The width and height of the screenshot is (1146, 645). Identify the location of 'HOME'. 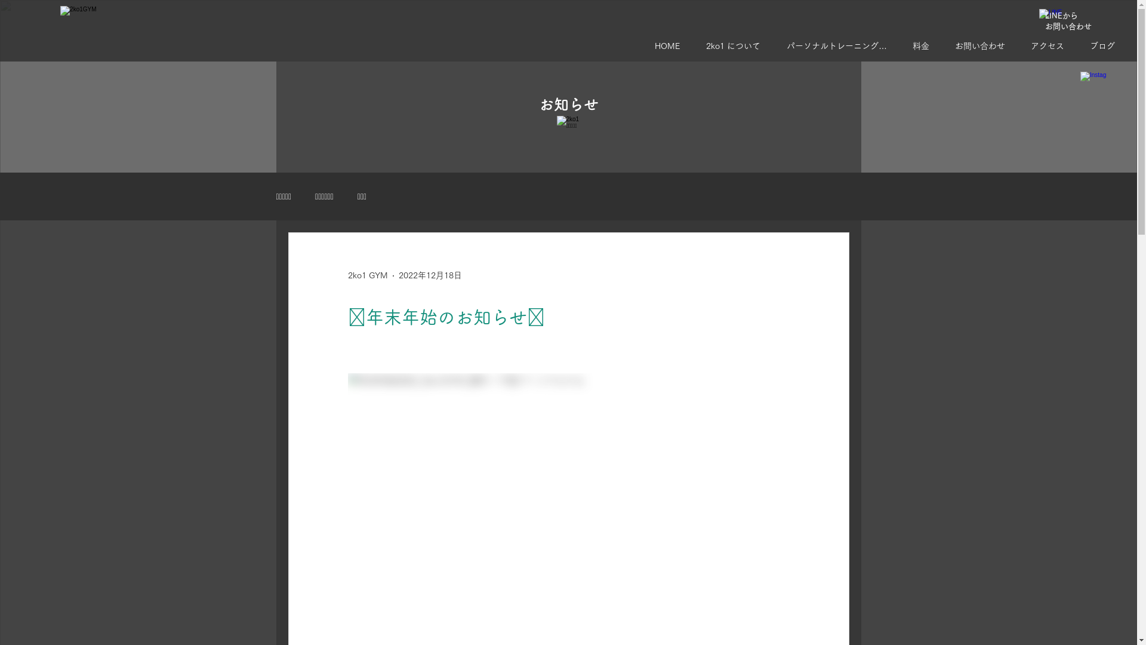
(671, 45).